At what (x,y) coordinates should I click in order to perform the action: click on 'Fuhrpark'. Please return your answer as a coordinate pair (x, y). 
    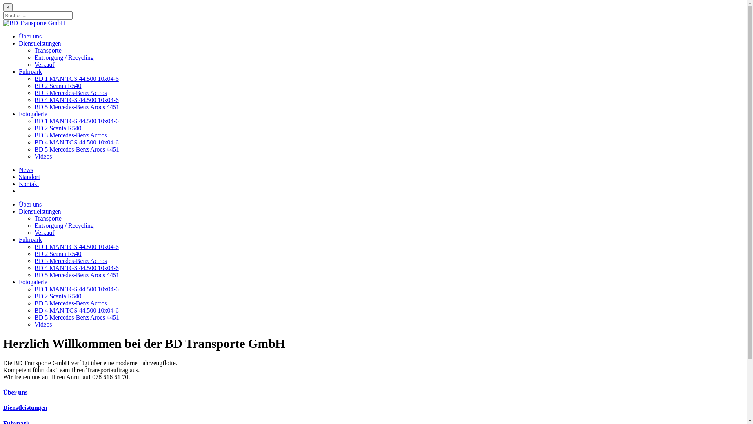
    Looking at the image, I should click on (30, 239).